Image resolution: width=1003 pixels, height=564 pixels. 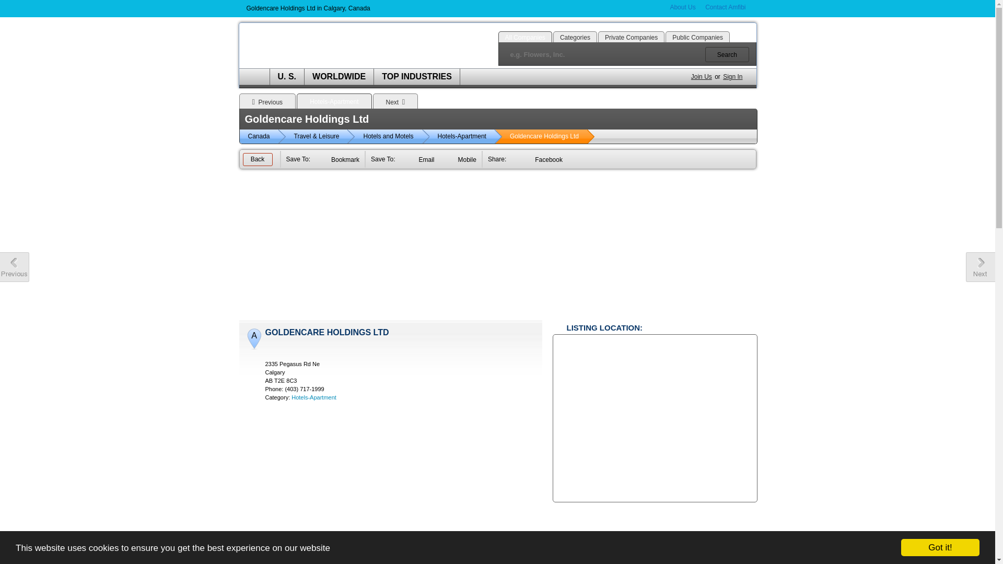 I want to click on 'Search1', so click(x=727, y=54).